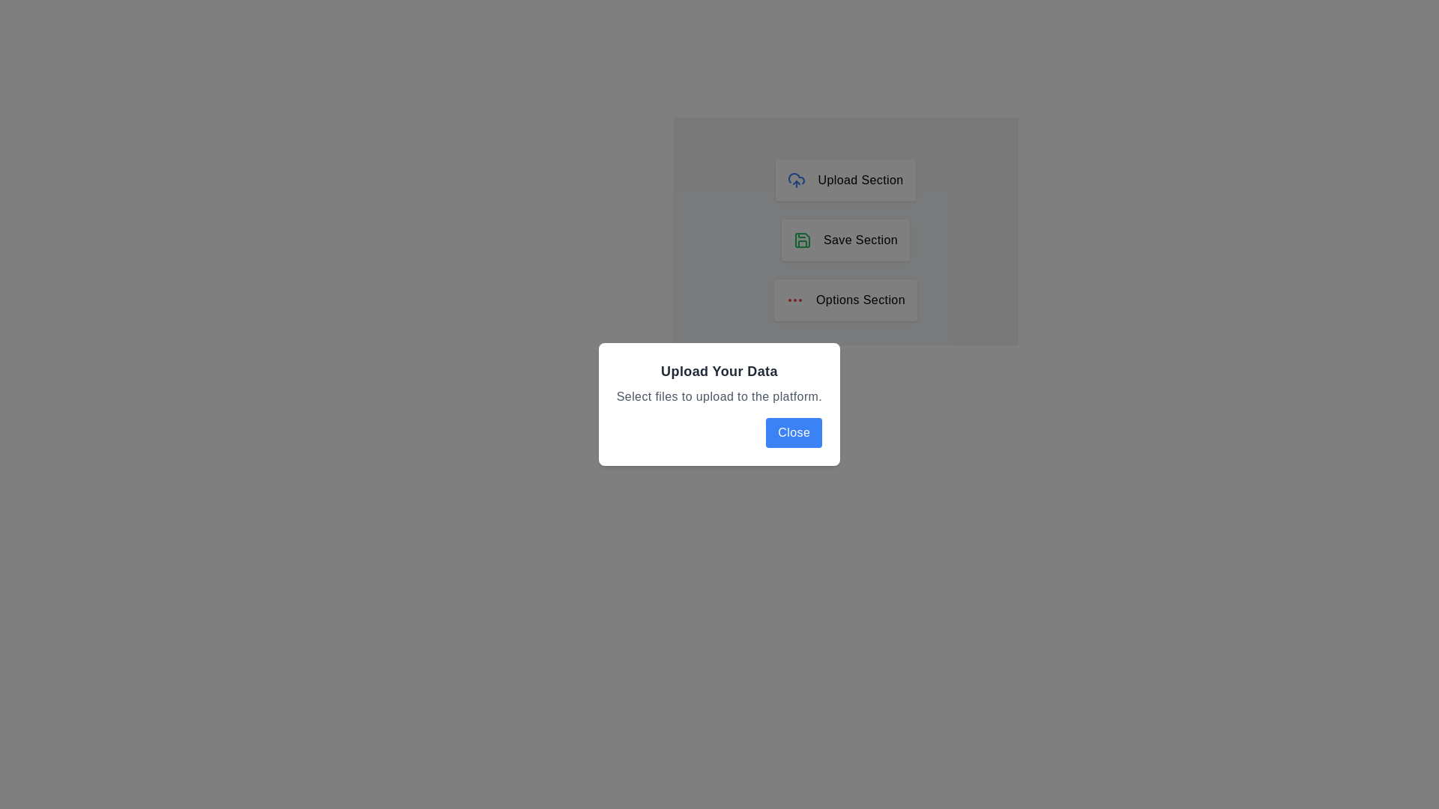 The image size is (1439, 809). Describe the element at coordinates (845, 239) in the screenshot. I see `the second button in the vertically stacked layout` at that location.